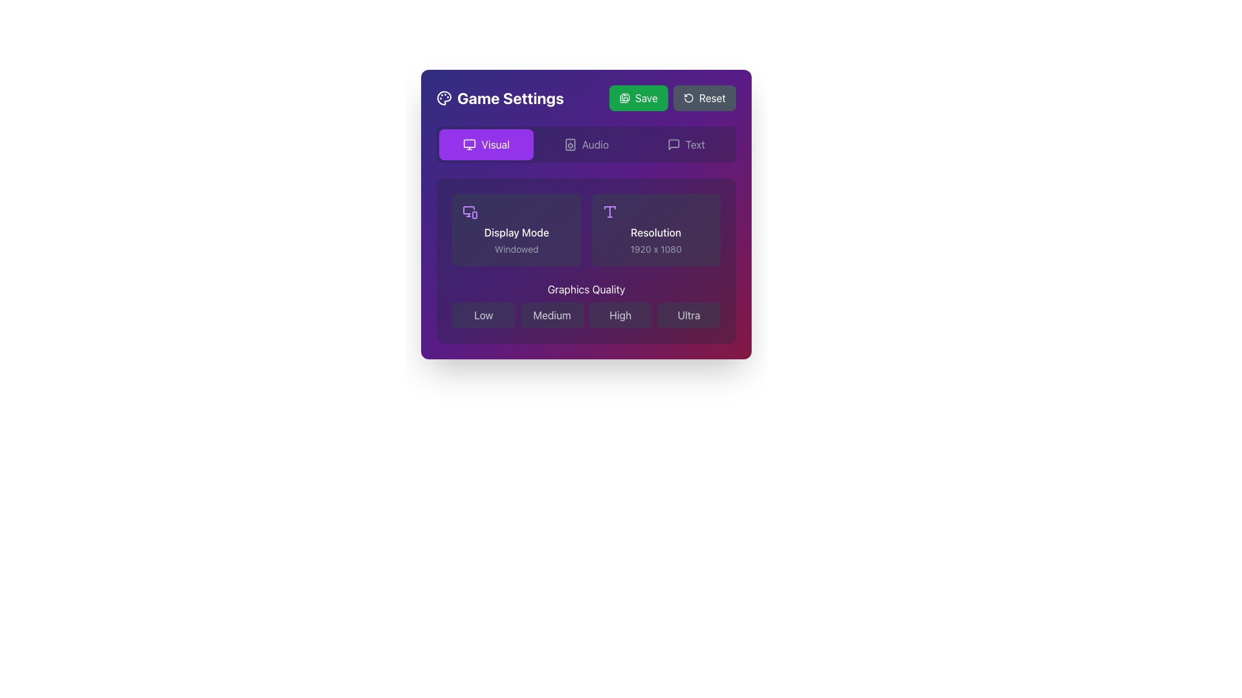 The height and width of the screenshot is (698, 1242). What do you see at coordinates (444, 97) in the screenshot?
I see `the circular palette icon located to the left of the 'Game Settings' text in the header section` at bounding box center [444, 97].